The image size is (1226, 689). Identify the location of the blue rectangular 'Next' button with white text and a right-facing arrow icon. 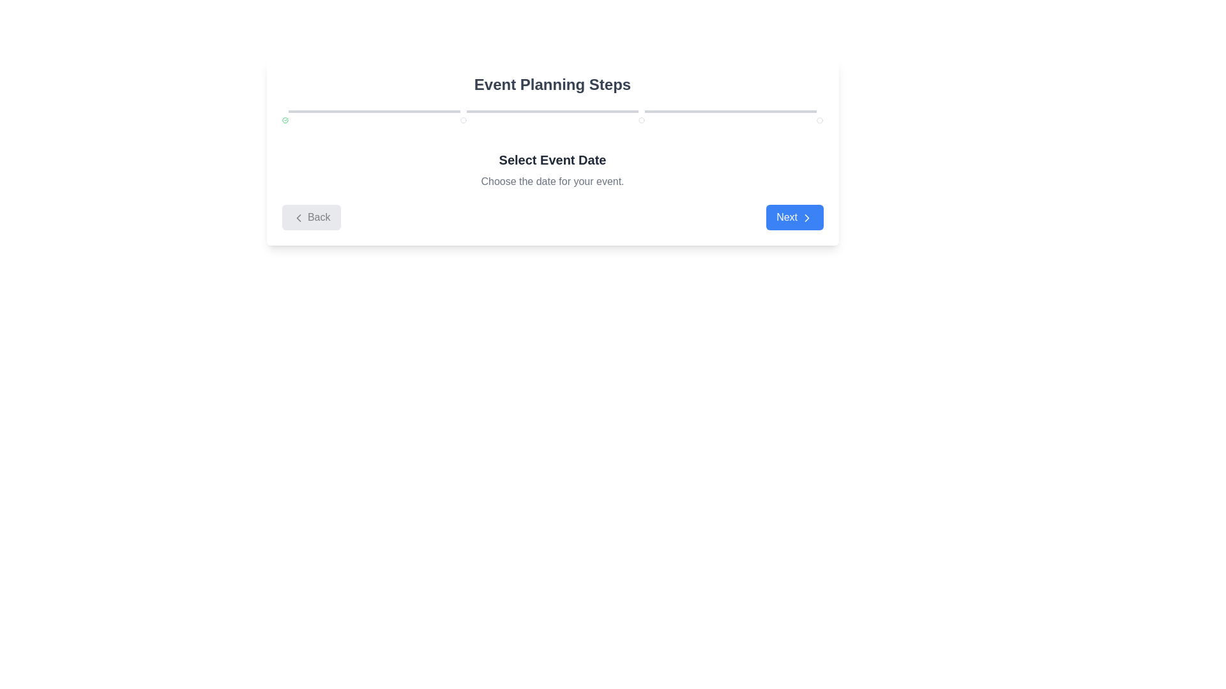
(794, 216).